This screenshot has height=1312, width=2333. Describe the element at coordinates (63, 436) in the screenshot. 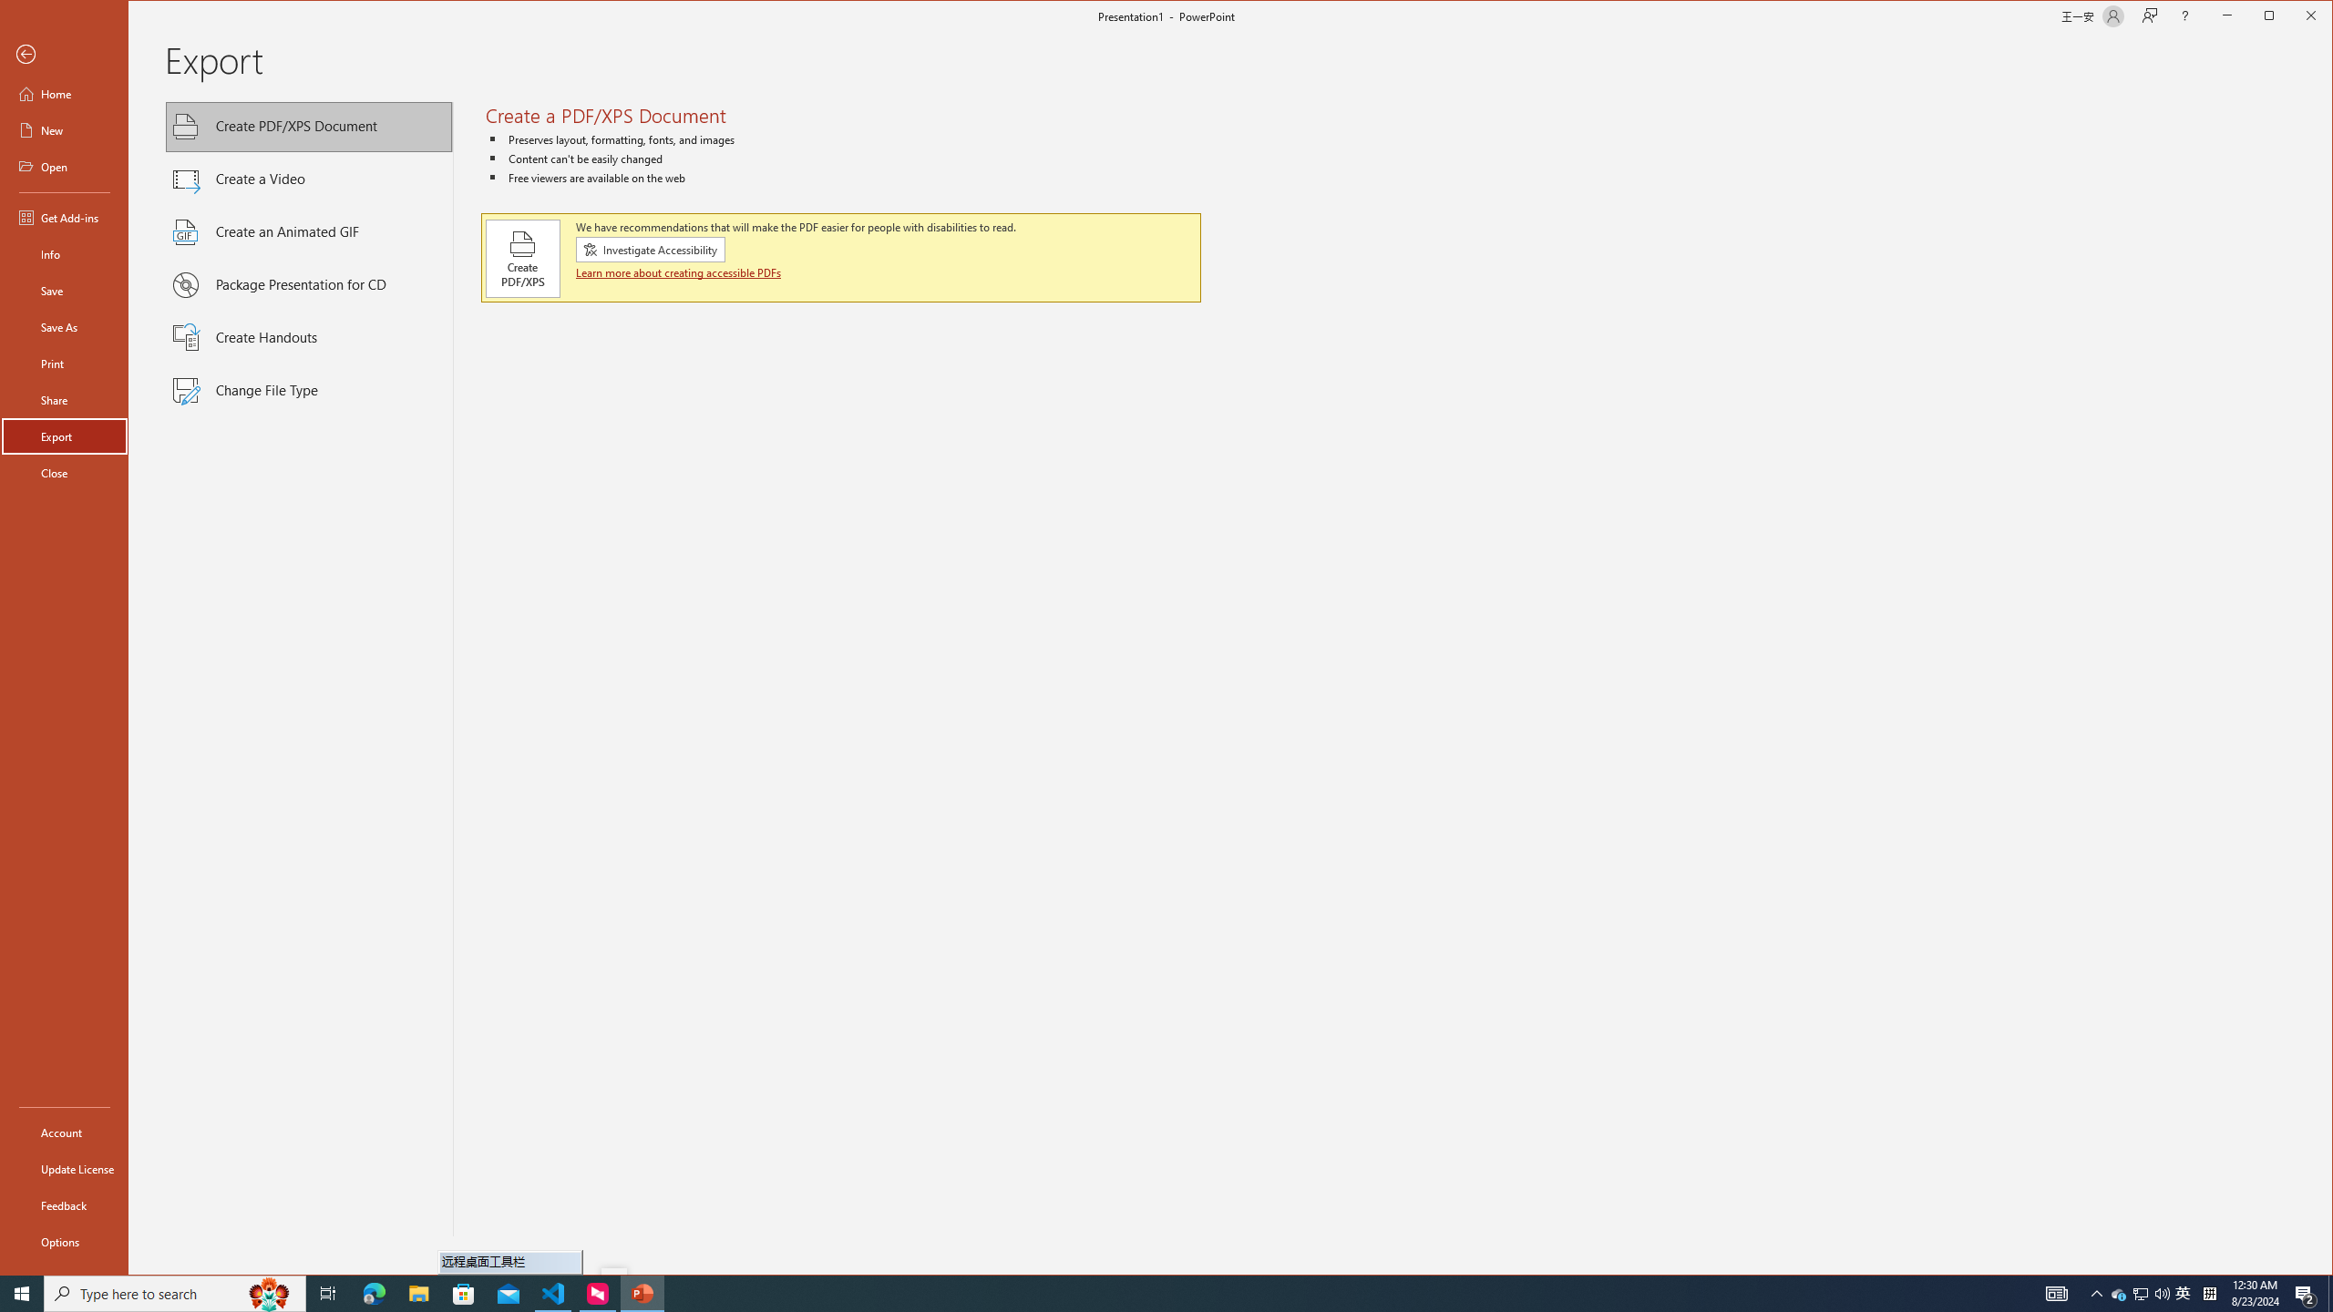

I see `'Export'` at that location.